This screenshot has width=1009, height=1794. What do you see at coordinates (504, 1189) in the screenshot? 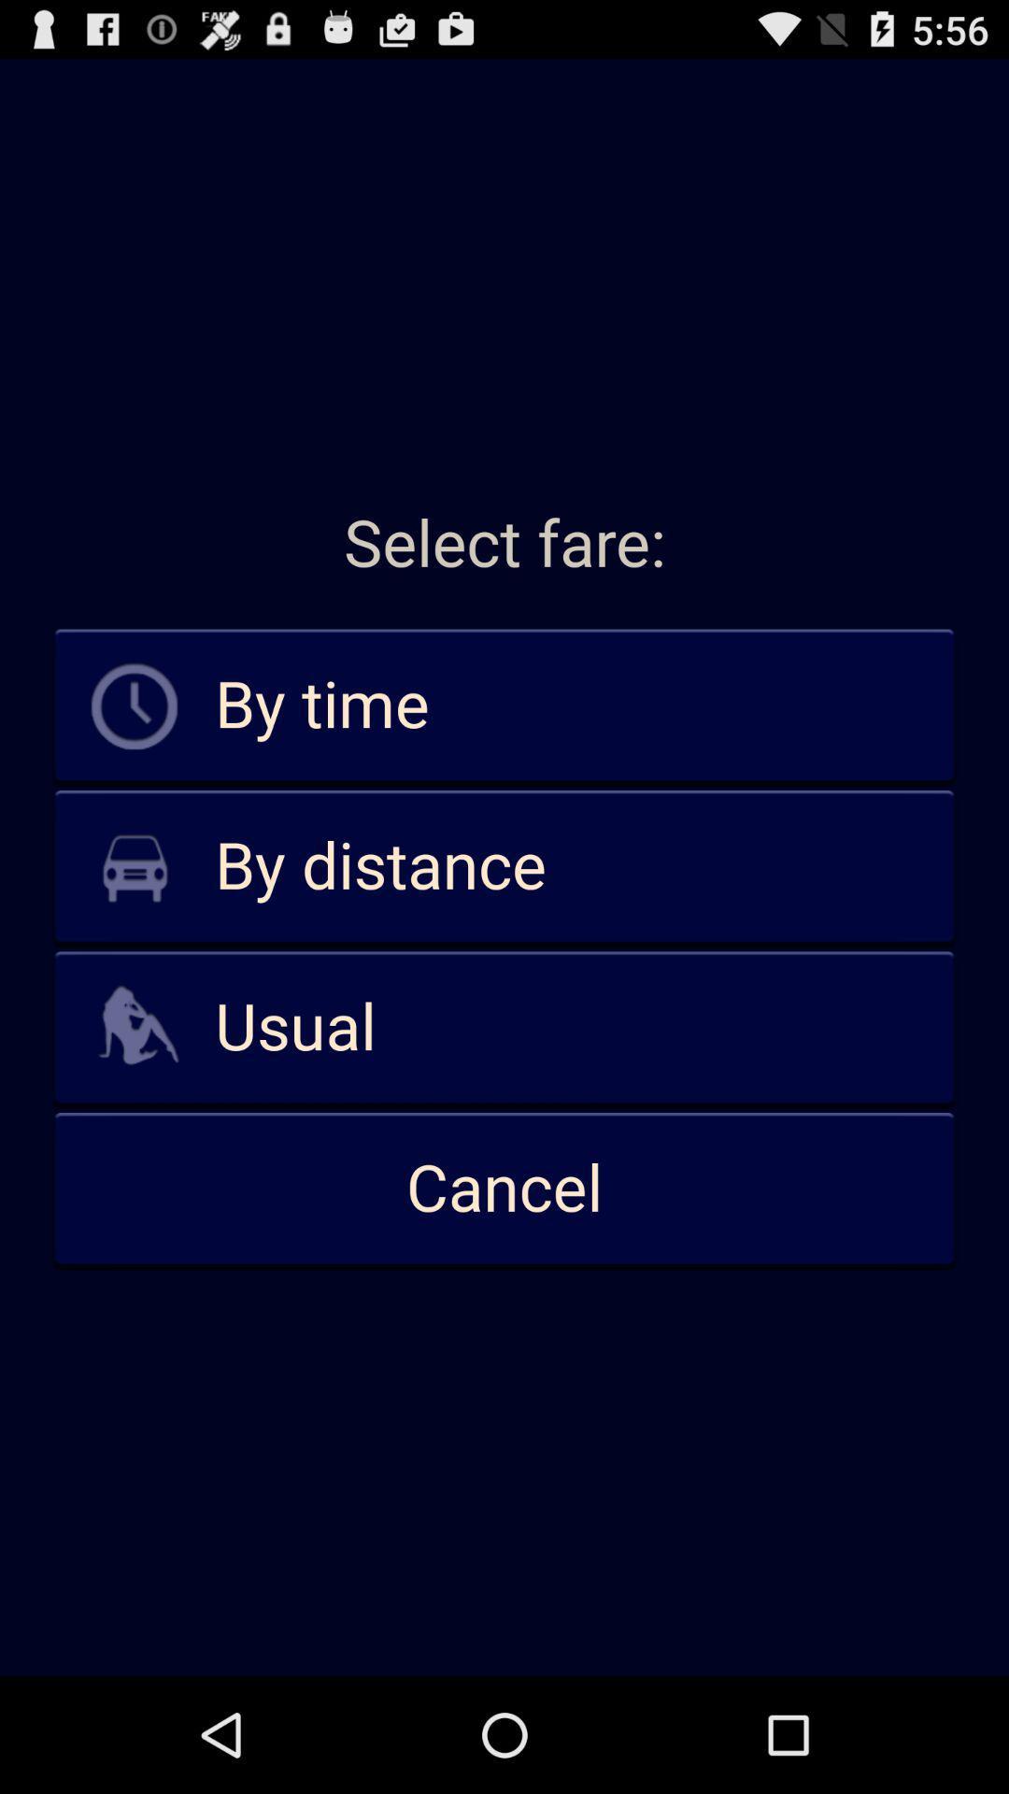
I see `the cancel app` at bounding box center [504, 1189].